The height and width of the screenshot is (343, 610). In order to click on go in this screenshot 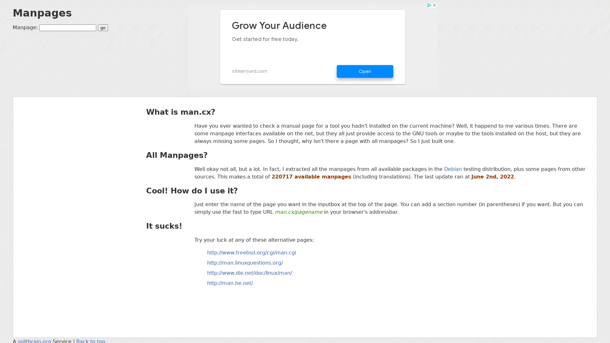, I will do `click(103, 27)`.